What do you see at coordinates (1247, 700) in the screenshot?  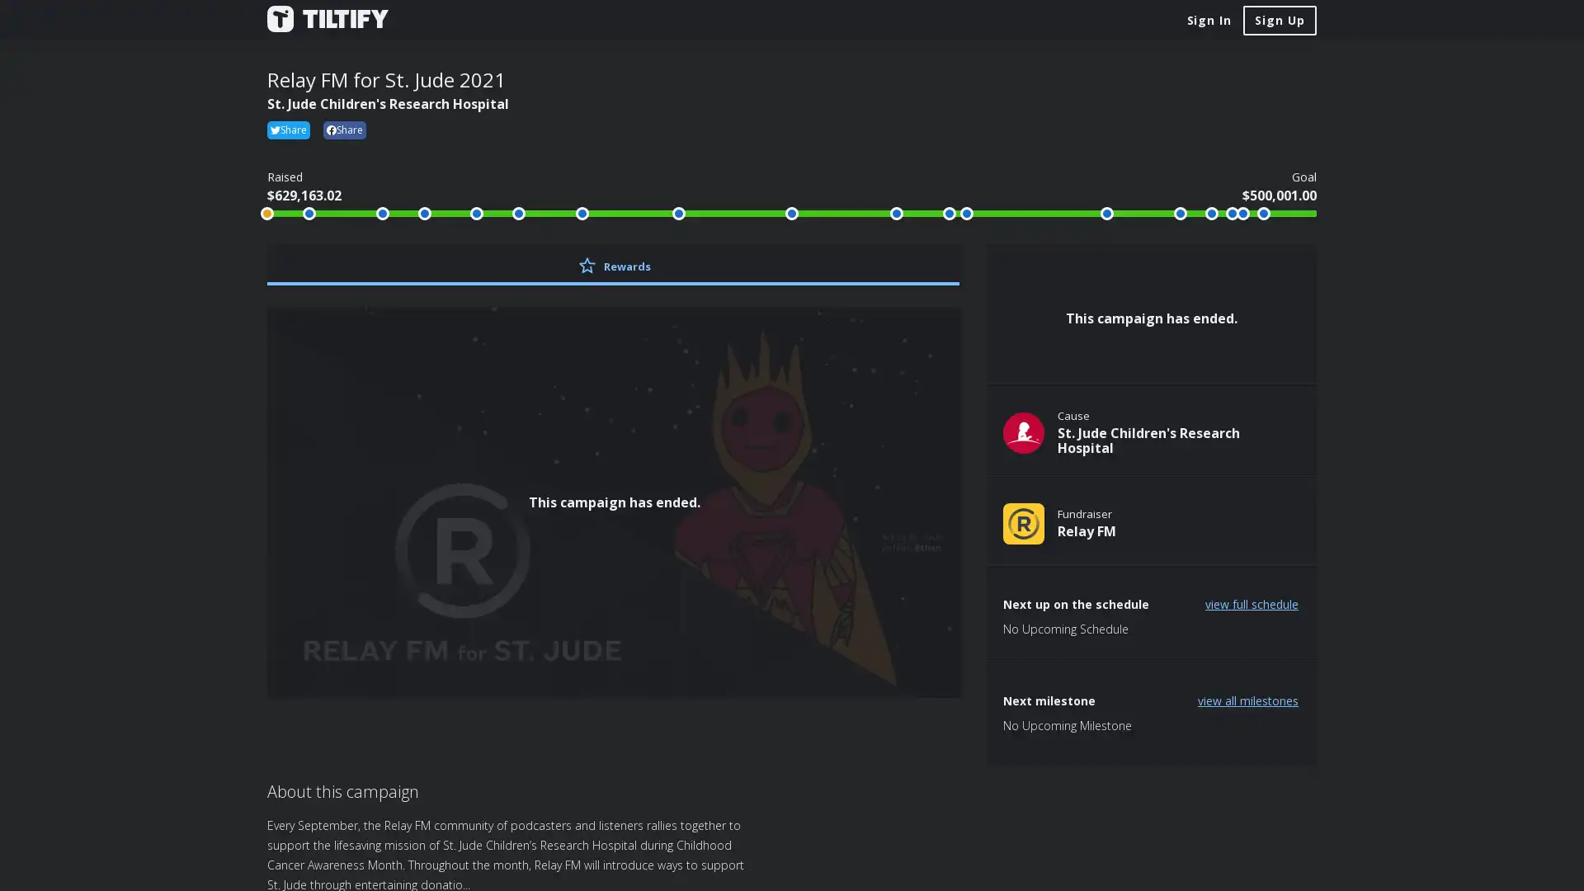 I see `view all milestones` at bounding box center [1247, 700].